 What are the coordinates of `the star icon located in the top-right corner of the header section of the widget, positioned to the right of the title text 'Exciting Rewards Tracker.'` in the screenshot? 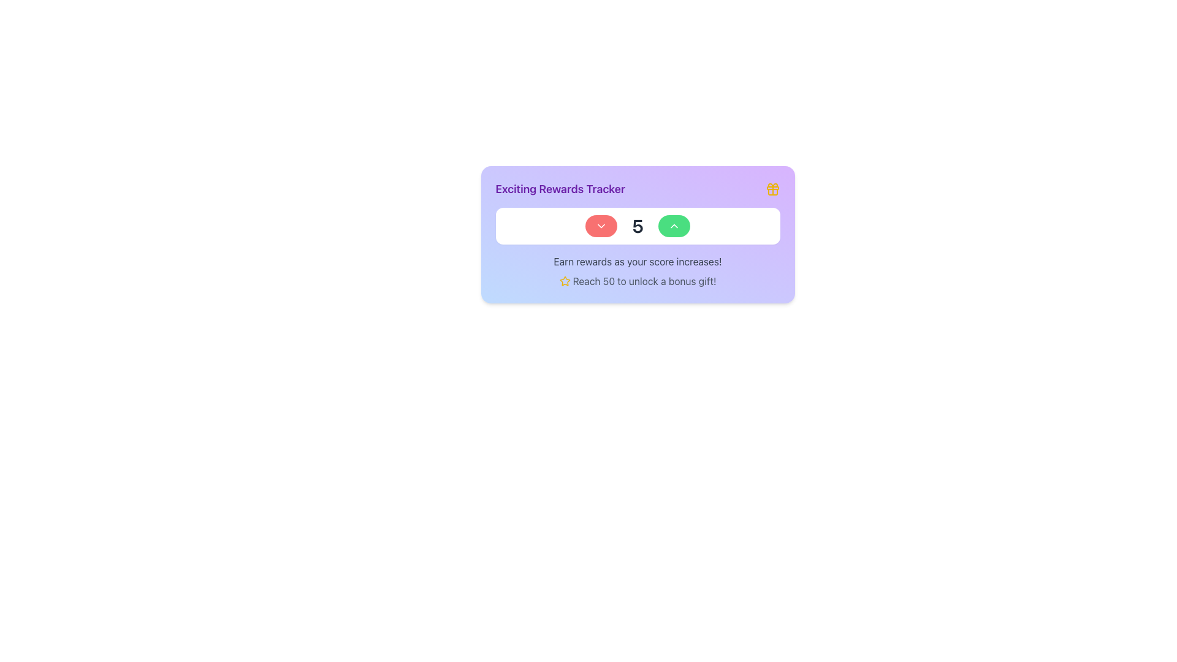 It's located at (564, 281).